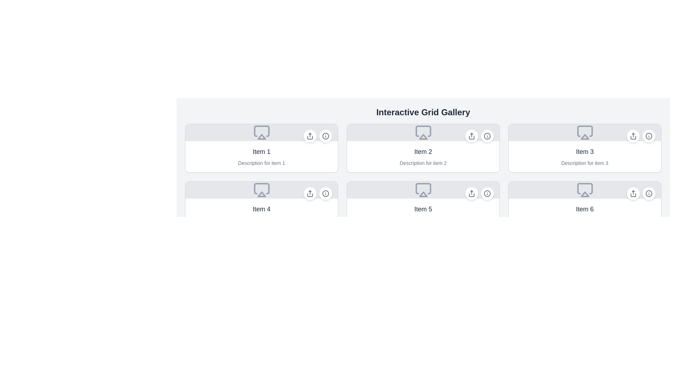 The width and height of the screenshot is (682, 383). I want to click on the third card in the grid layout that represents 'Item 3', so click(585, 148).